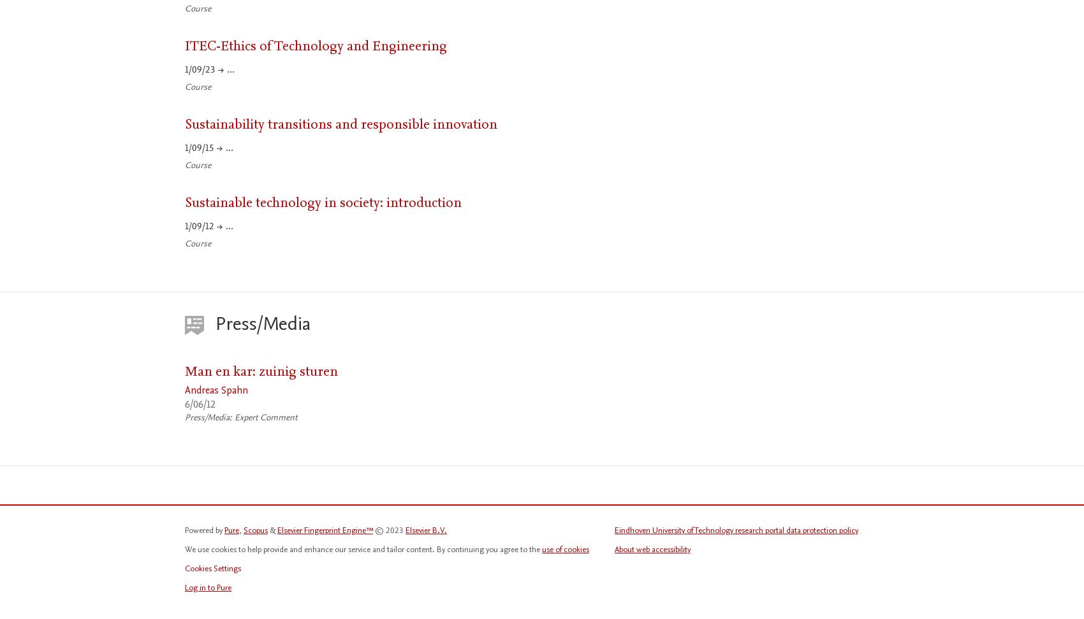  Describe the element at coordinates (185, 370) in the screenshot. I see `'Man en kar: zuinig sturen'` at that location.